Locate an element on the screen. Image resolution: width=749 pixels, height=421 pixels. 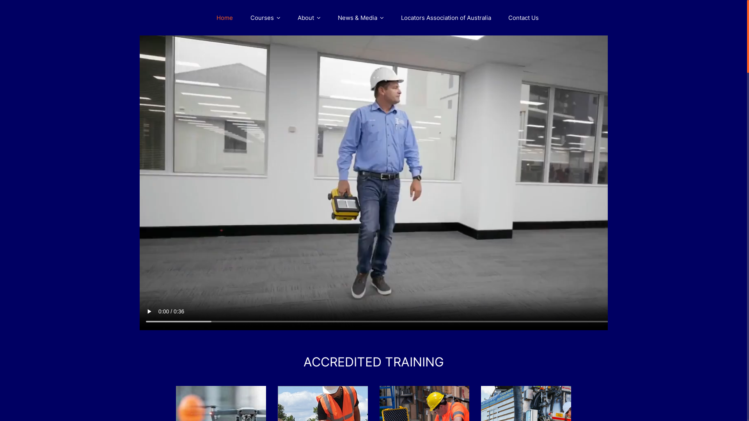
'News & Media' is located at coordinates (360, 18).